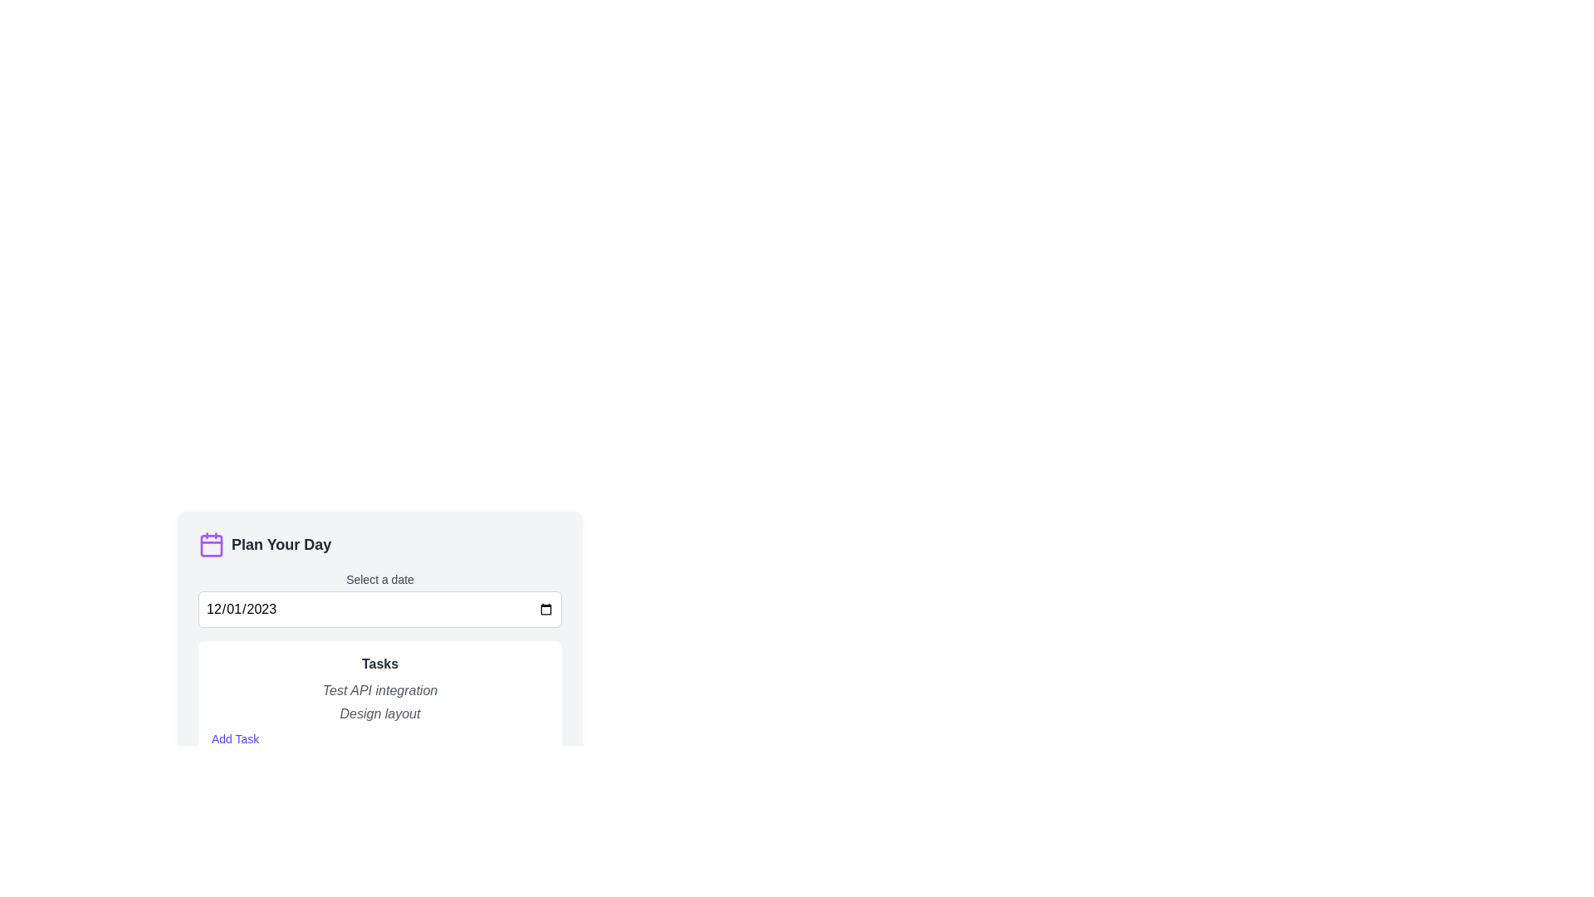 This screenshot has height=897, width=1594. Describe the element at coordinates (234, 738) in the screenshot. I see `the 'Add Task' link, which is styled as blue underlined text located at the bottom of the 'Tasks' section` at that location.